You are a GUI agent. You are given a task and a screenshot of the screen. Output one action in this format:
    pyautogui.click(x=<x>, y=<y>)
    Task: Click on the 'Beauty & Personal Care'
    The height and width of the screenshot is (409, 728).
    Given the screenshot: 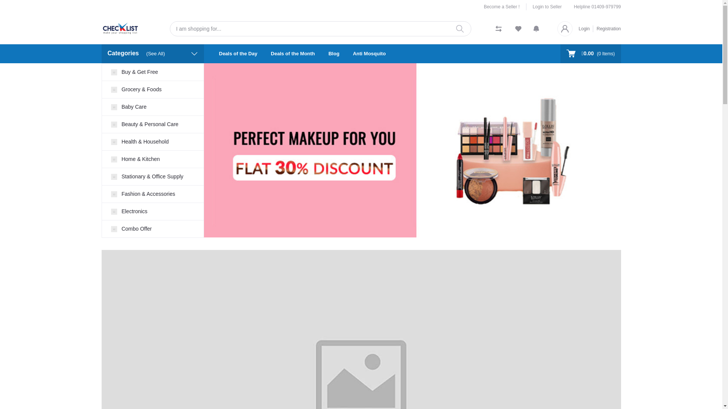 What is the action you would take?
    pyautogui.click(x=152, y=124)
    